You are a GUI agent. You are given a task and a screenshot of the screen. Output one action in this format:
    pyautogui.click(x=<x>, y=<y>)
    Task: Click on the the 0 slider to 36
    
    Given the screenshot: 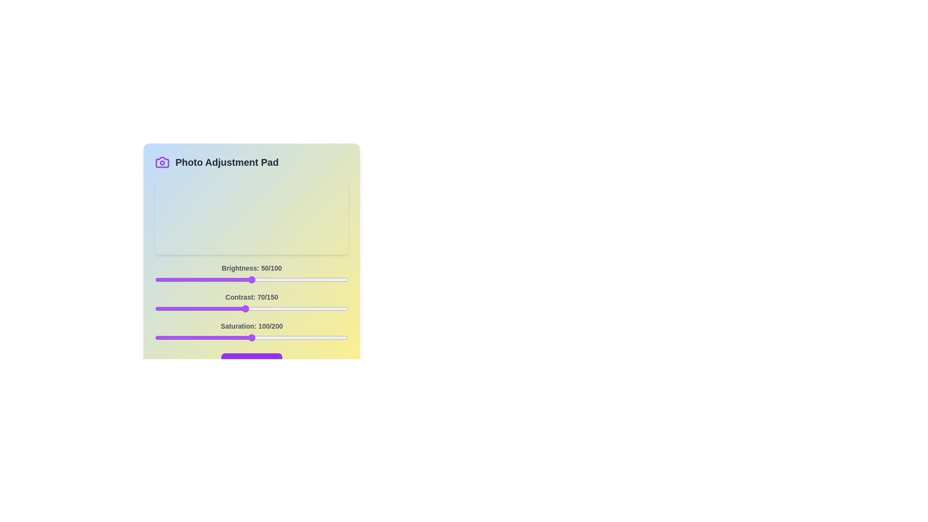 What is the action you would take?
    pyautogui.click(x=224, y=279)
    